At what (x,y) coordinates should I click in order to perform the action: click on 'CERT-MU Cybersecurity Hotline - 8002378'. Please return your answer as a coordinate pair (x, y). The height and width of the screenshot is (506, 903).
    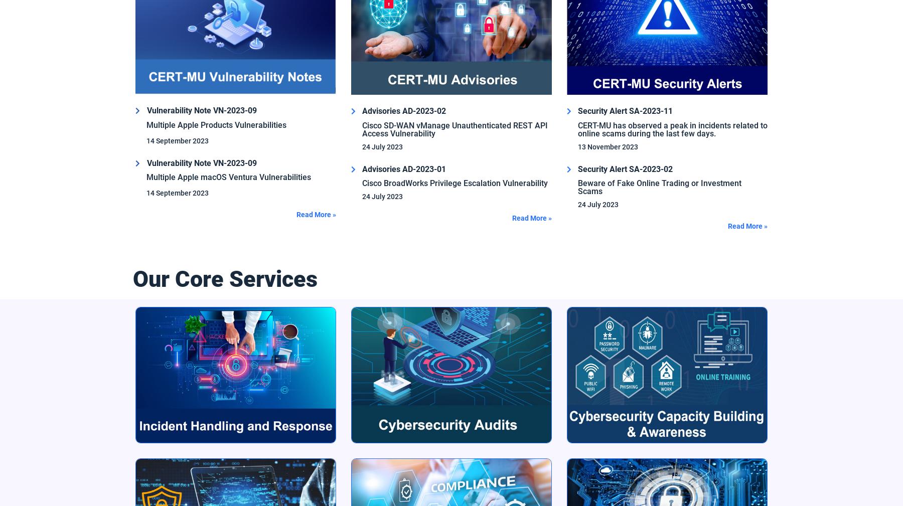
    Looking at the image, I should click on (201, 282).